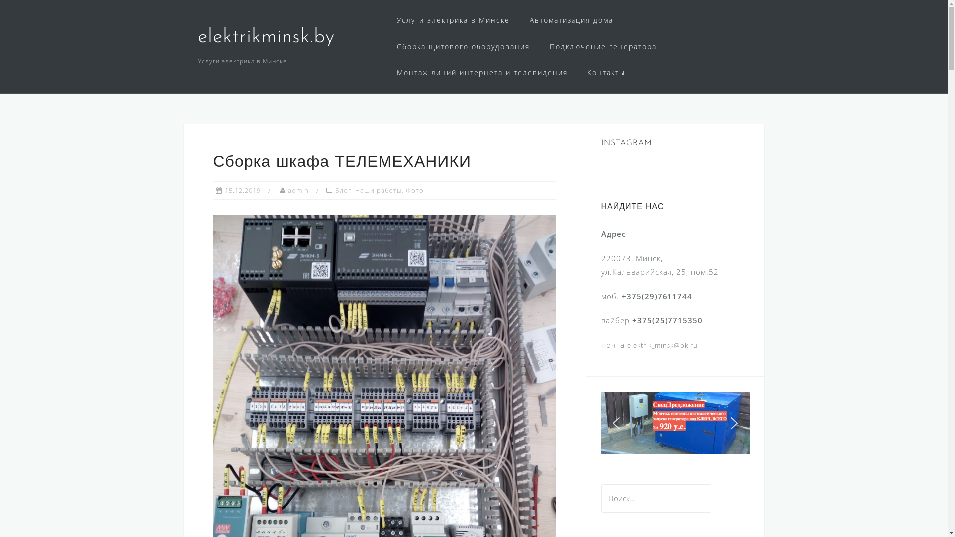 This screenshot has height=537, width=955. Describe the element at coordinates (662, 344) in the screenshot. I see `'elektrik_minsk@bk.ru'` at that location.